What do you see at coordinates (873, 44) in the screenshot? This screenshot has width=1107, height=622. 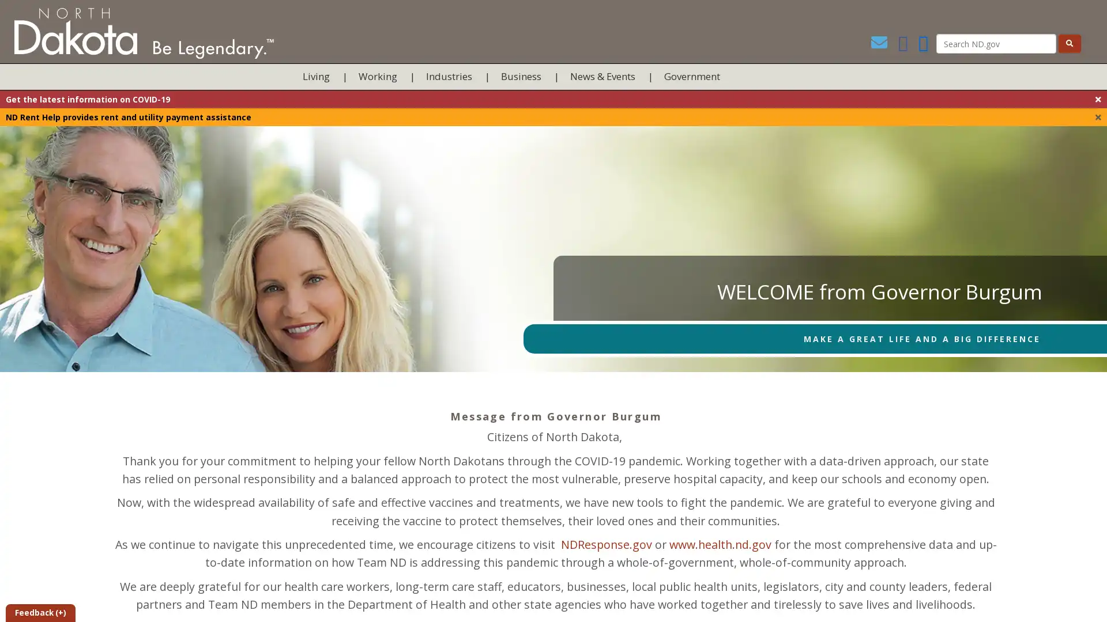 I see `Contact Us` at bounding box center [873, 44].